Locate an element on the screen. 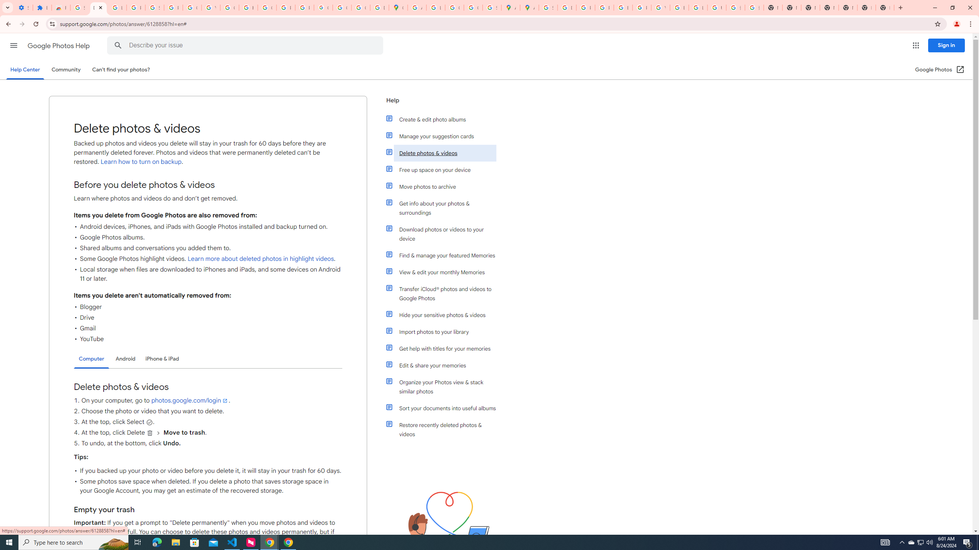 The width and height of the screenshot is (979, 550). 'Google Photos (Open in a new window)' is located at coordinates (940, 69).